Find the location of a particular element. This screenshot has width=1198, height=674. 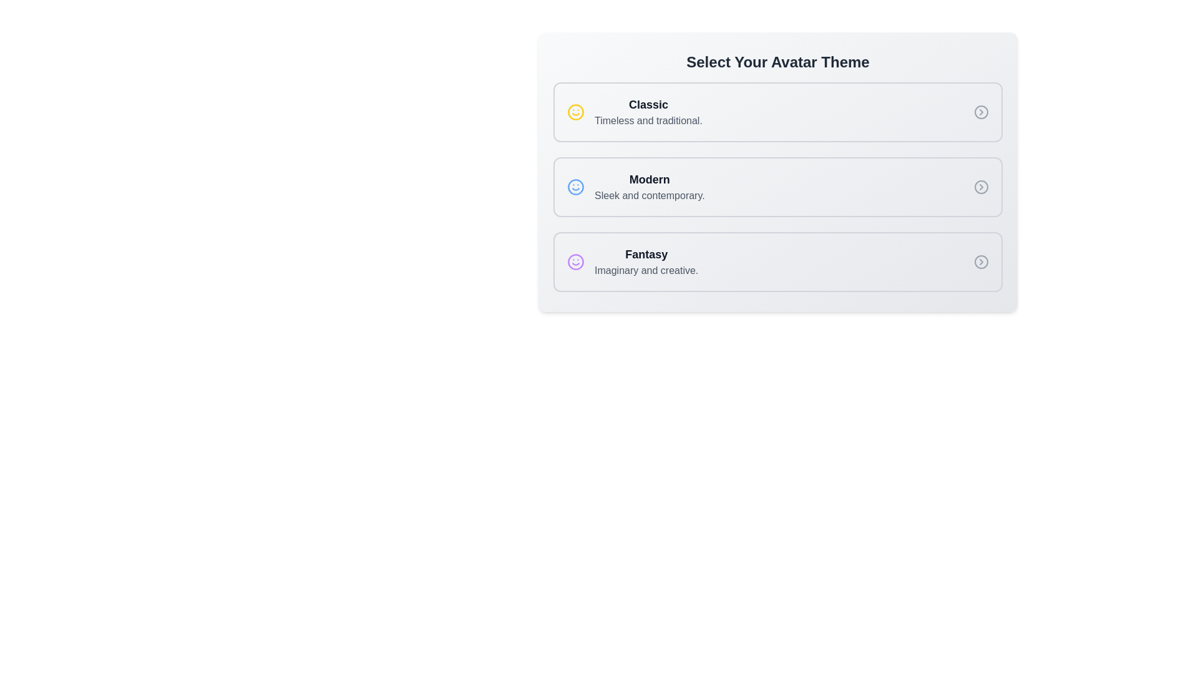

the decorative circle icon inside the SVG, located near the right edge of the 'Fantasy' option in the vertical list of avatar themes is located at coordinates (981, 261).